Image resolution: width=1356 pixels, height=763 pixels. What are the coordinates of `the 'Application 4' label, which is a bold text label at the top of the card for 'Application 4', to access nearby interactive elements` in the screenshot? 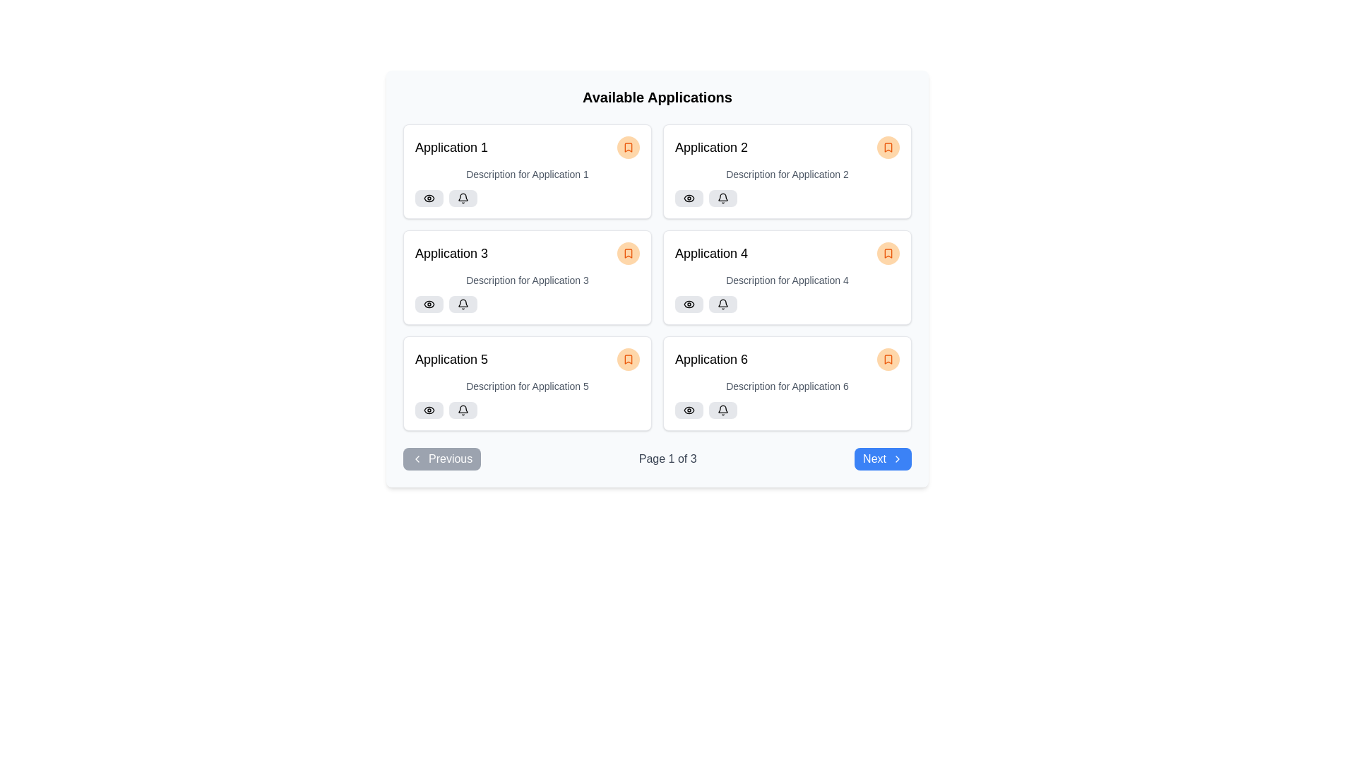 It's located at (711, 252).